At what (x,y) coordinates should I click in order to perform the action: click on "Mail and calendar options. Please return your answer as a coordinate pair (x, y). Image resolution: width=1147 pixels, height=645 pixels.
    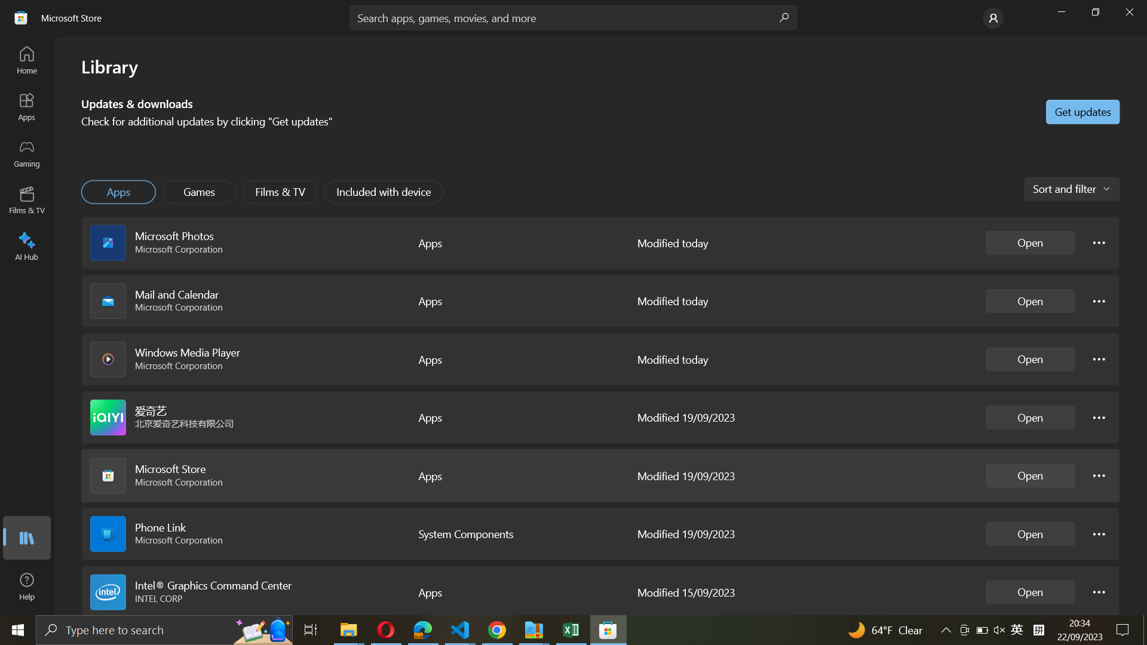
    Looking at the image, I should click on (1099, 299).